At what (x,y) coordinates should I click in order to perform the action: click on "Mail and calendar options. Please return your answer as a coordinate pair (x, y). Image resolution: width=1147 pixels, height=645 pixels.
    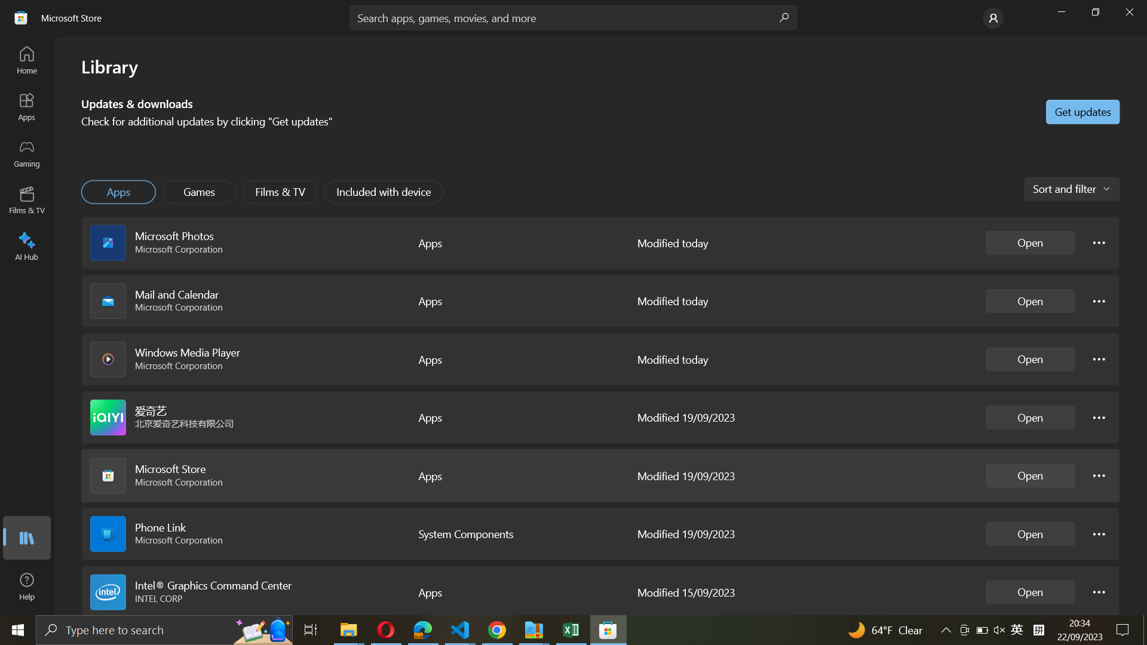
    Looking at the image, I should click on (1099, 299).